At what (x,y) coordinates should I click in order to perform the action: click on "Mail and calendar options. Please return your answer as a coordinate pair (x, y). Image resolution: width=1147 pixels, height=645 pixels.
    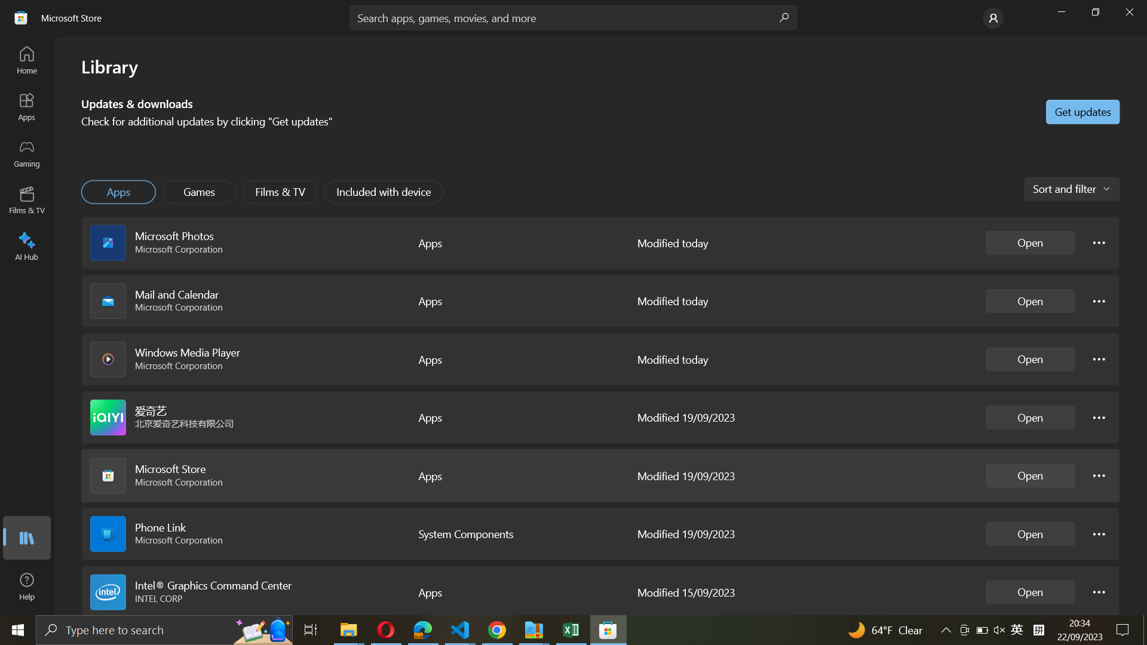
    Looking at the image, I should click on (1099, 299).